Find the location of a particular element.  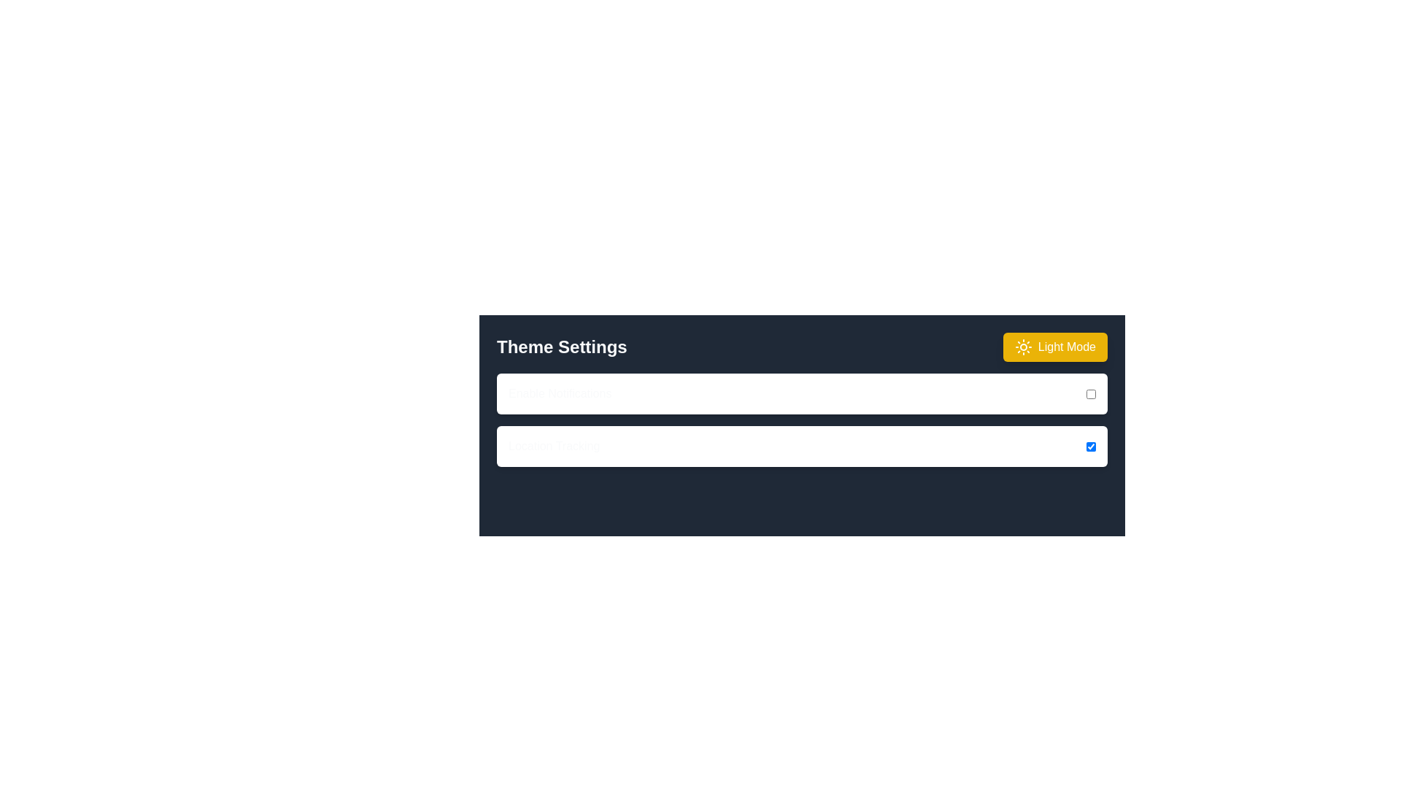

'Light Mode' button to toggle the theme is located at coordinates (1054, 347).